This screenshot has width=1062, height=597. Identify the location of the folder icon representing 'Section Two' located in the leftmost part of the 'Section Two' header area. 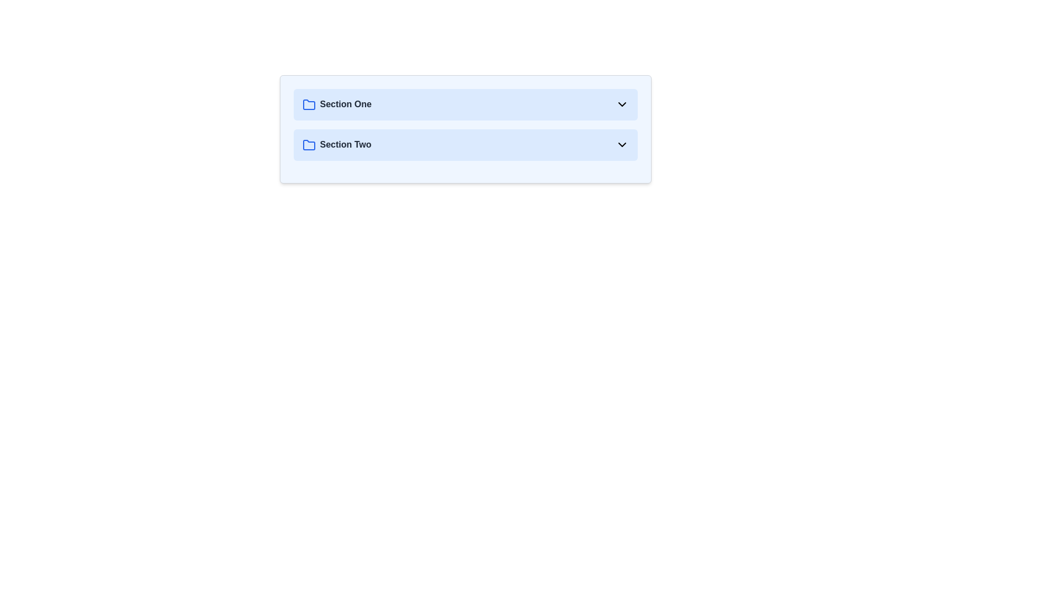
(309, 144).